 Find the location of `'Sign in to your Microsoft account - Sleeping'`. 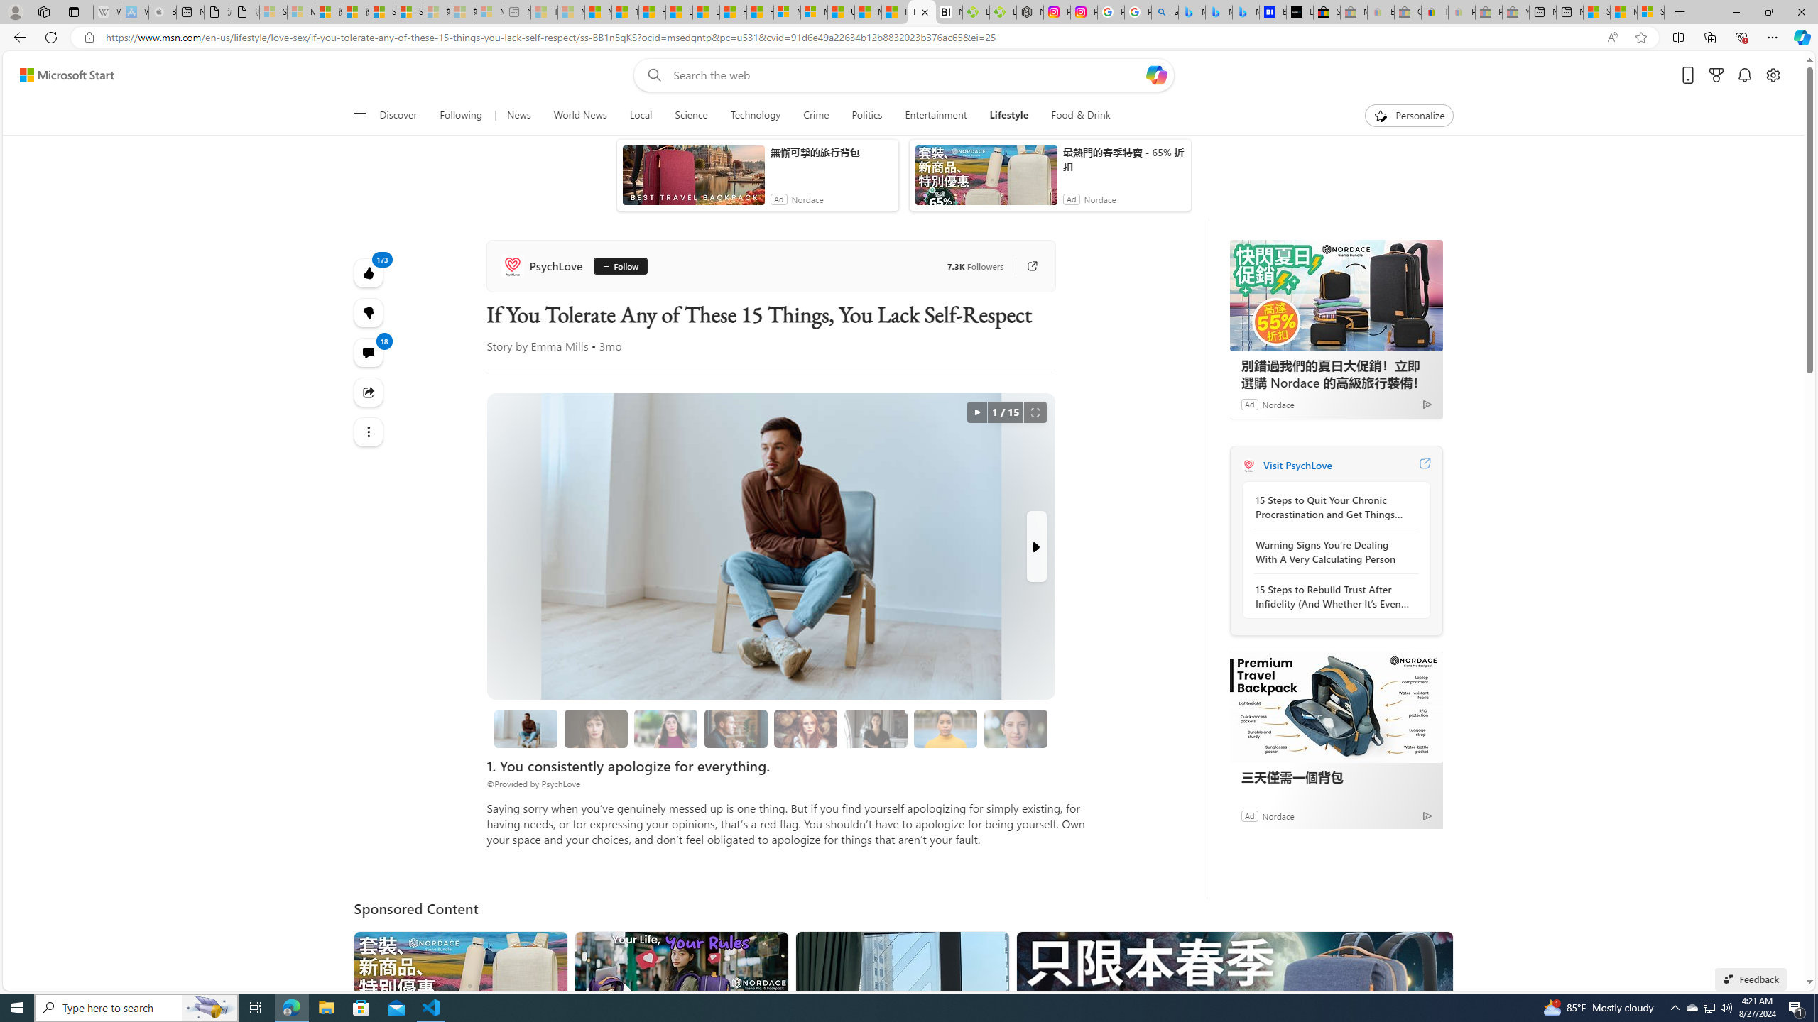

'Sign in to your Microsoft account - Sleeping' is located at coordinates (272, 11).